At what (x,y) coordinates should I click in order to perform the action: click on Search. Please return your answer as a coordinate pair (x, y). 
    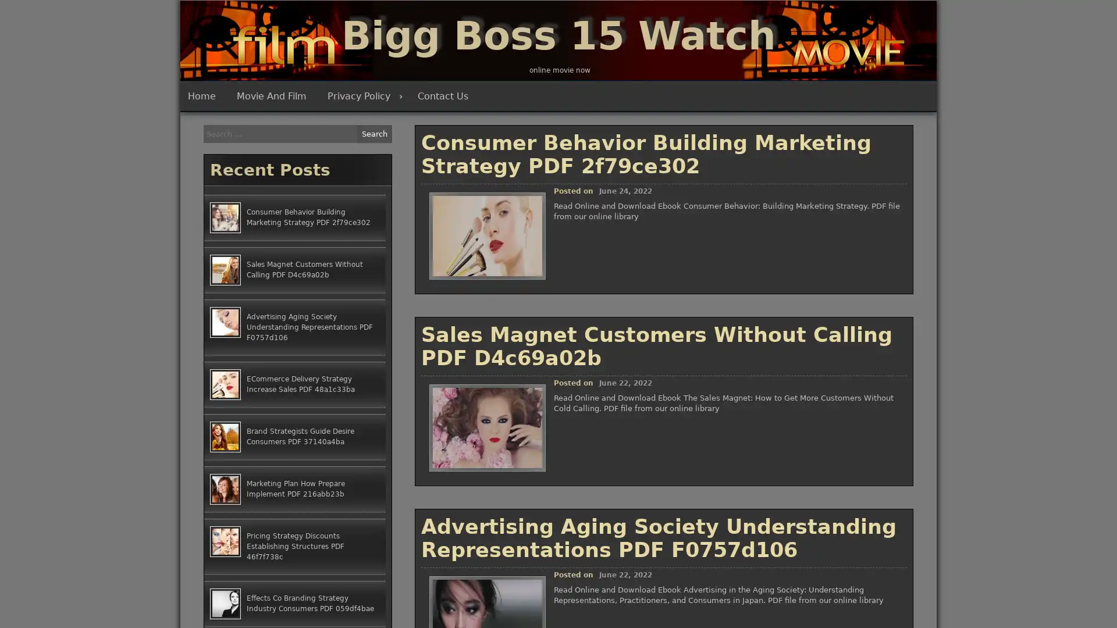
    Looking at the image, I should click on (374, 133).